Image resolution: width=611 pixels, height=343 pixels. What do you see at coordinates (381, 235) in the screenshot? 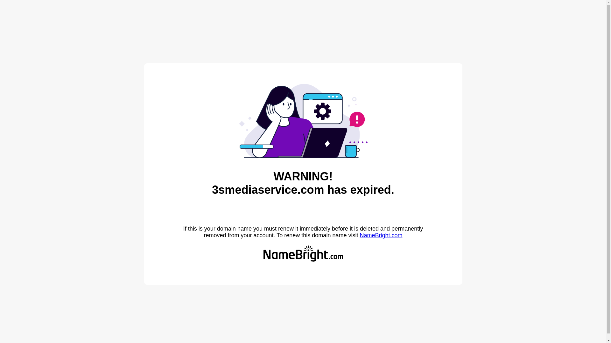
I see `'NameBright.com'` at bounding box center [381, 235].